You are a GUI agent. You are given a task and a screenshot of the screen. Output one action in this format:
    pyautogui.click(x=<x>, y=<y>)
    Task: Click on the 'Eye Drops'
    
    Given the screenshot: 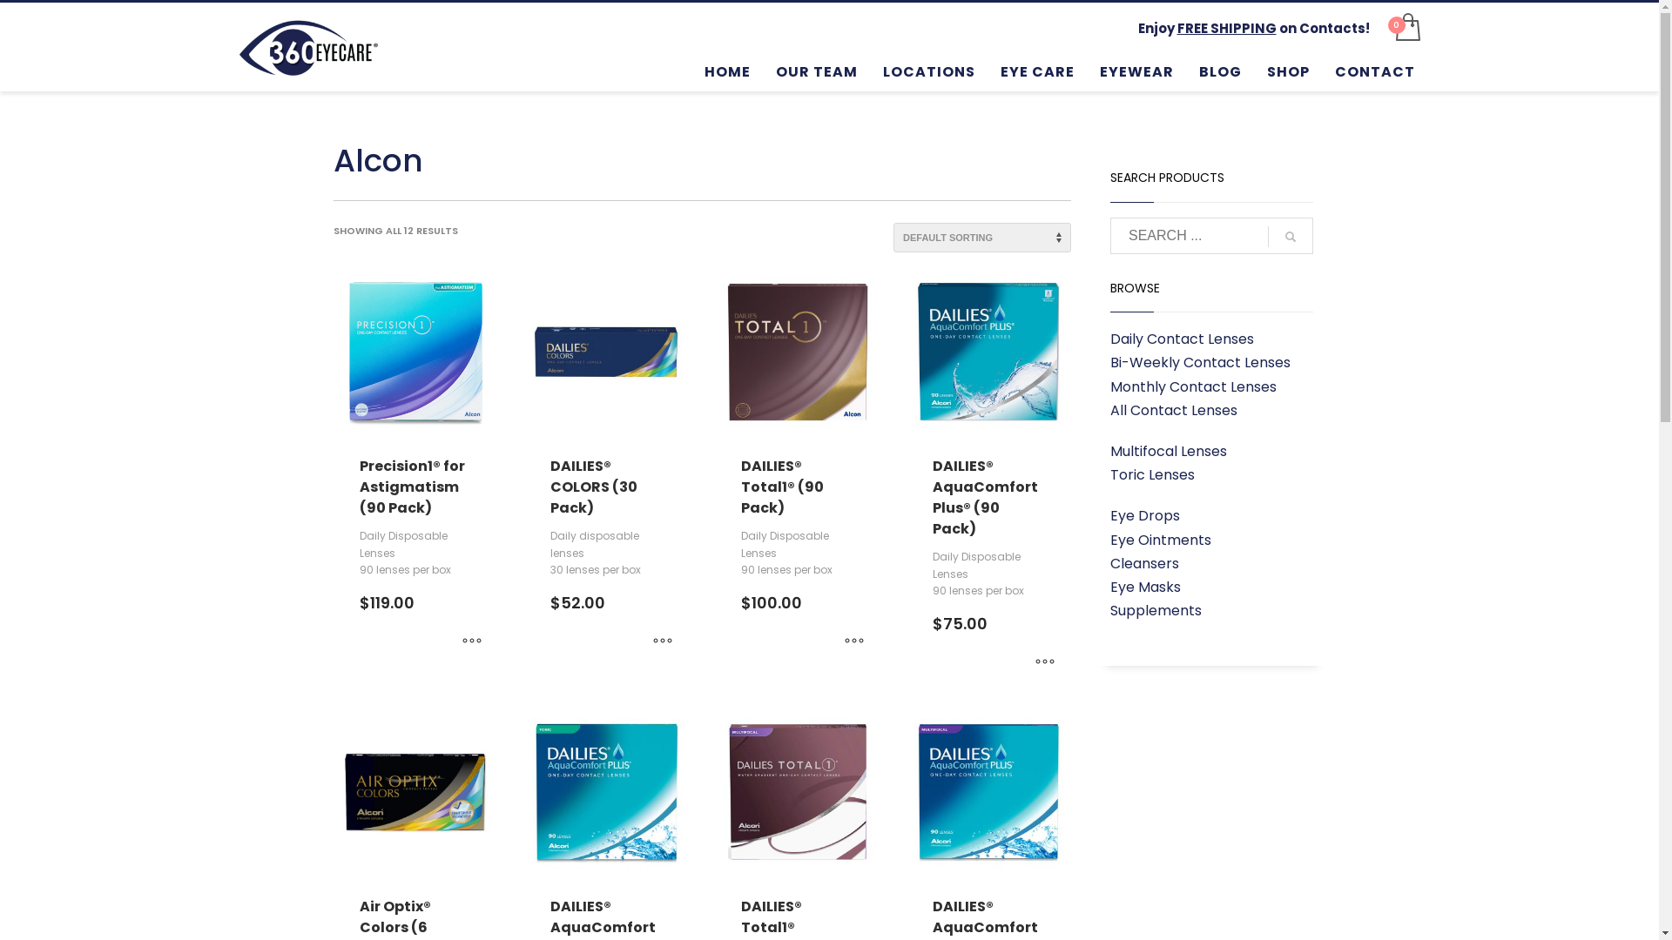 What is the action you would take?
    pyautogui.click(x=1145, y=514)
    